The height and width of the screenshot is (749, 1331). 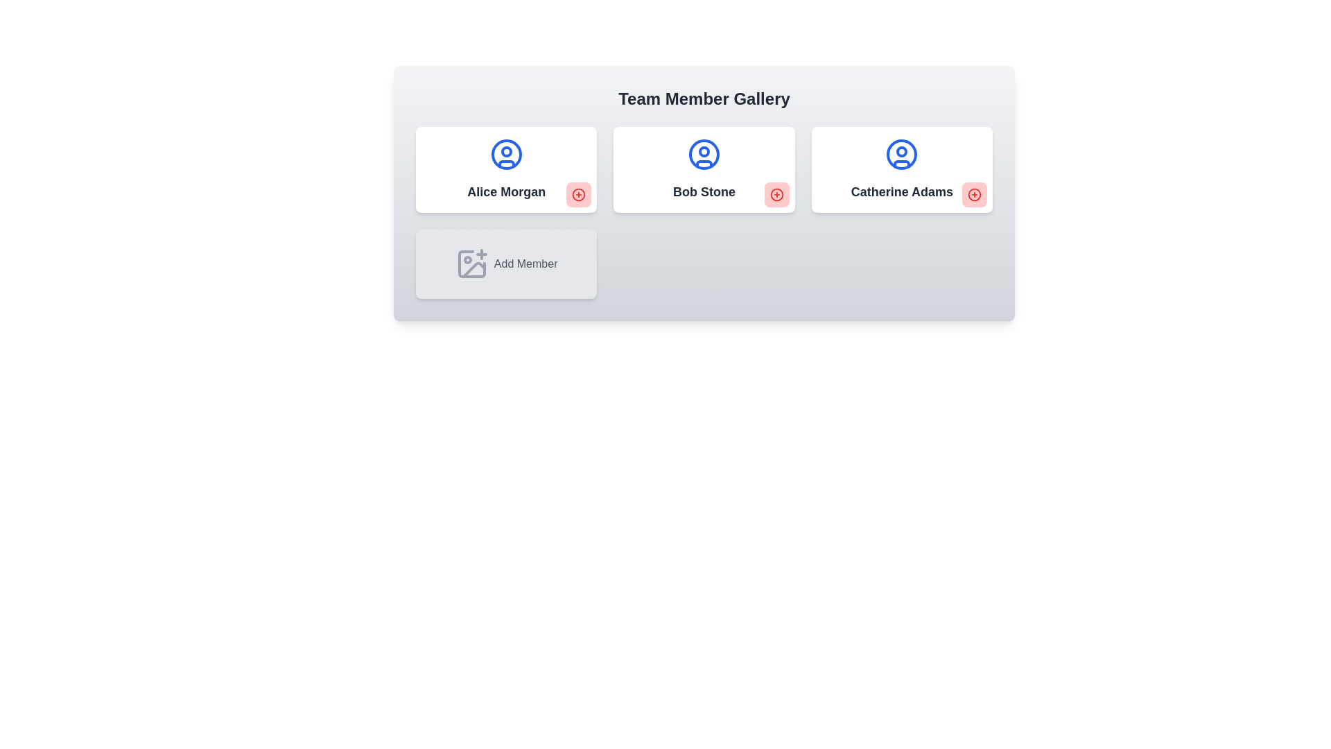 What do you see at coordinates (505, 155) in the screenshot?
I see `the circular element of the user profile icon located at the top left of the 'Alice Morgan' card in the user gallery` at bounding box center [505, 155].